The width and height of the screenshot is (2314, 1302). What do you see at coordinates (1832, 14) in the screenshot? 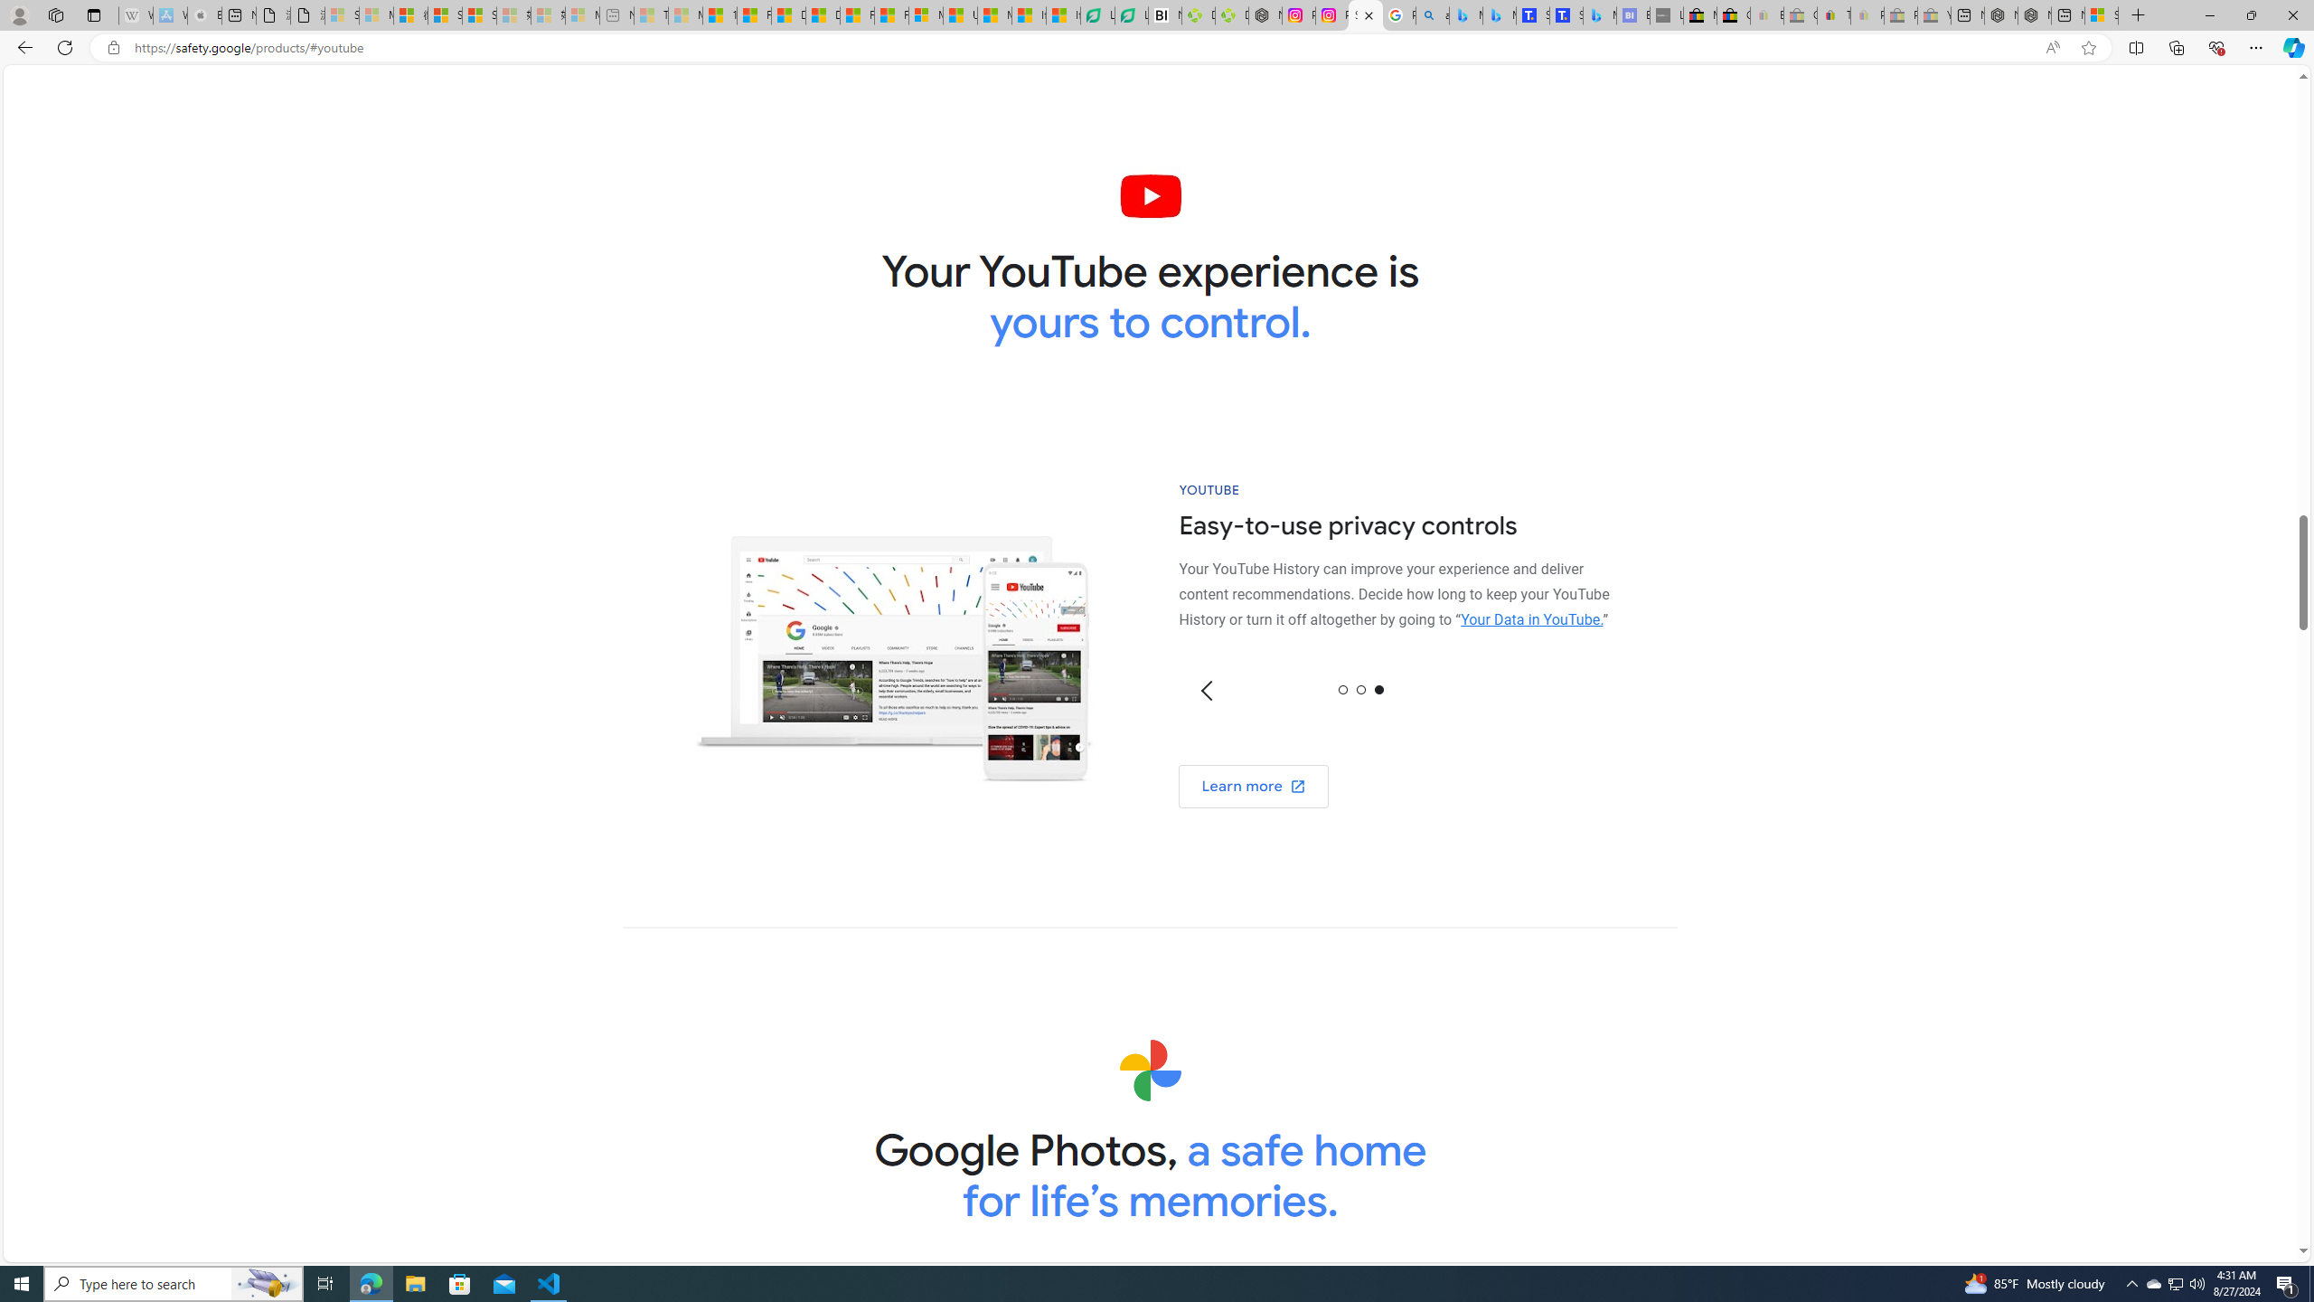
I see `'Threats and offensive language policy | eBay'` at bounding box center [1832, 14].